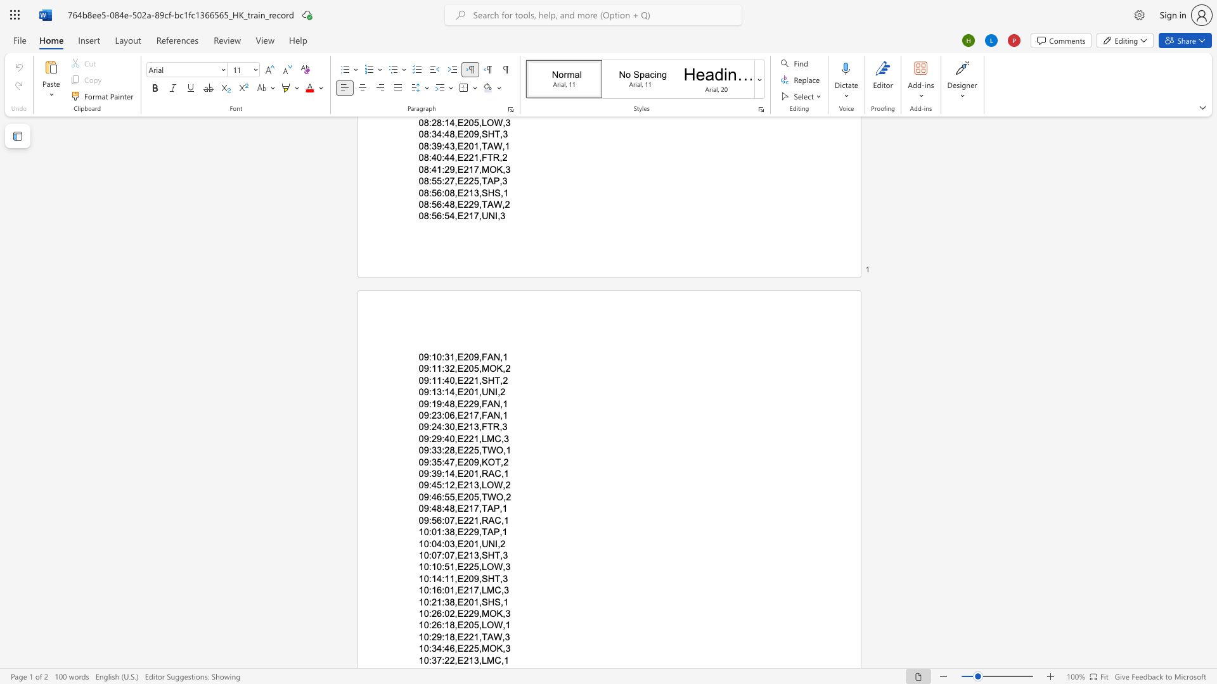  I want to click on the subset text ",E221,LMC" within the text "09:29:40,E221,LMC,3", so click(454, 438).